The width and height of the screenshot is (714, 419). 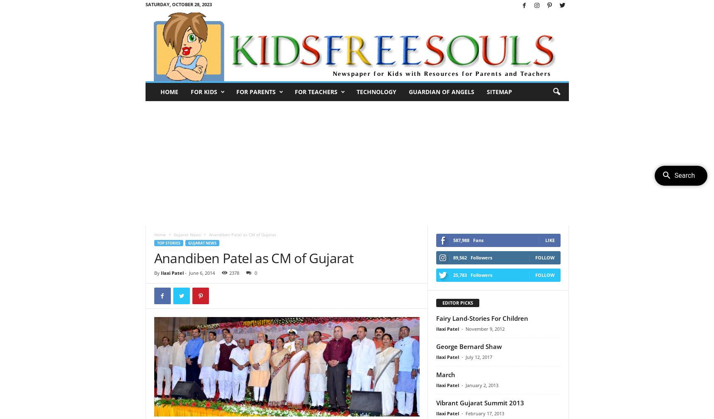 What do you see at coordinates (160, 234) in the screenshot?
I see `'Home'` at bounding box center [160, 234].